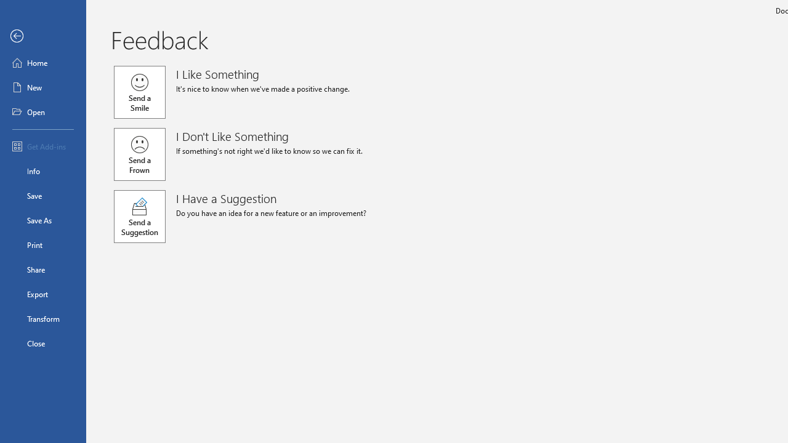 This screenshot has height=443, width=788. What do you see at coordinates (140, 153) in the screenshot?
I see `'Send a Frown'` at bounding box center [140, 153].